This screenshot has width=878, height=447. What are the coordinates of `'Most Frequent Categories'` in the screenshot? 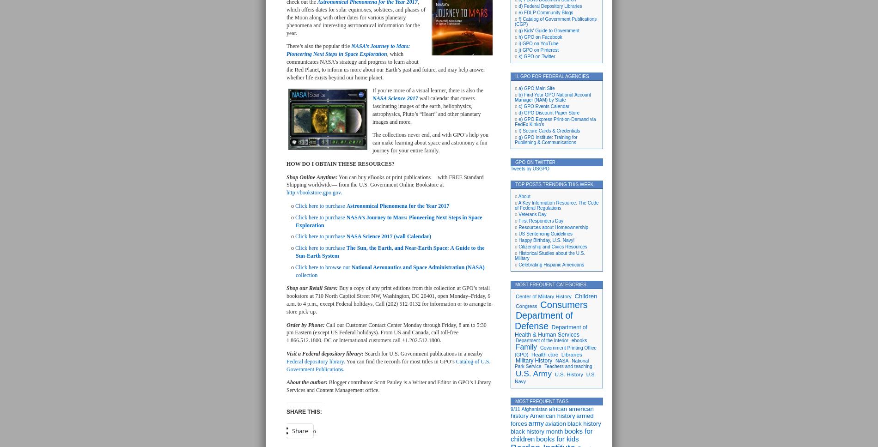 It's located at (515, 284).